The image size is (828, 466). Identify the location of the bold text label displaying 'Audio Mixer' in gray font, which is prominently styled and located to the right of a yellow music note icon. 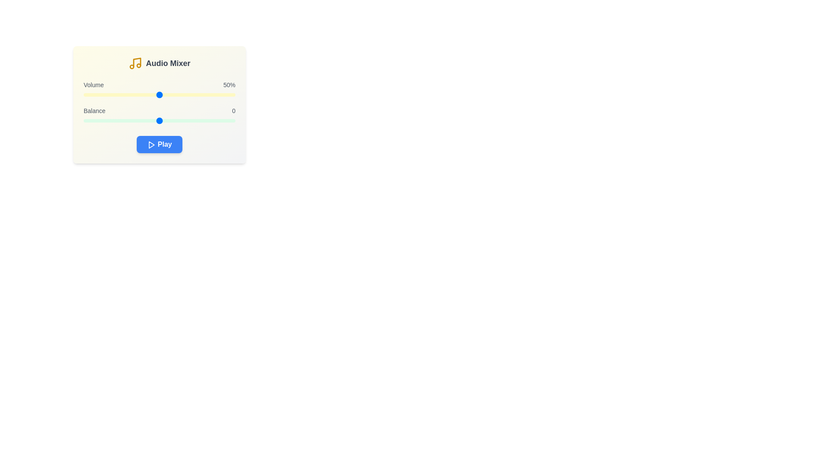
(168, 63).